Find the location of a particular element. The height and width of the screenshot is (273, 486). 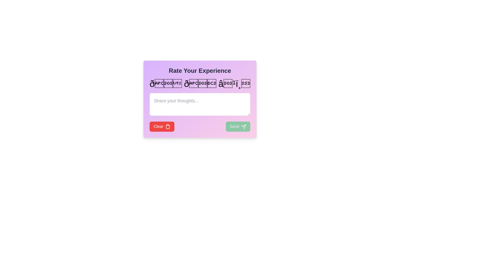

the third face icon with a neutral expression in the row of three face icons is located at coordinates (234, 83).